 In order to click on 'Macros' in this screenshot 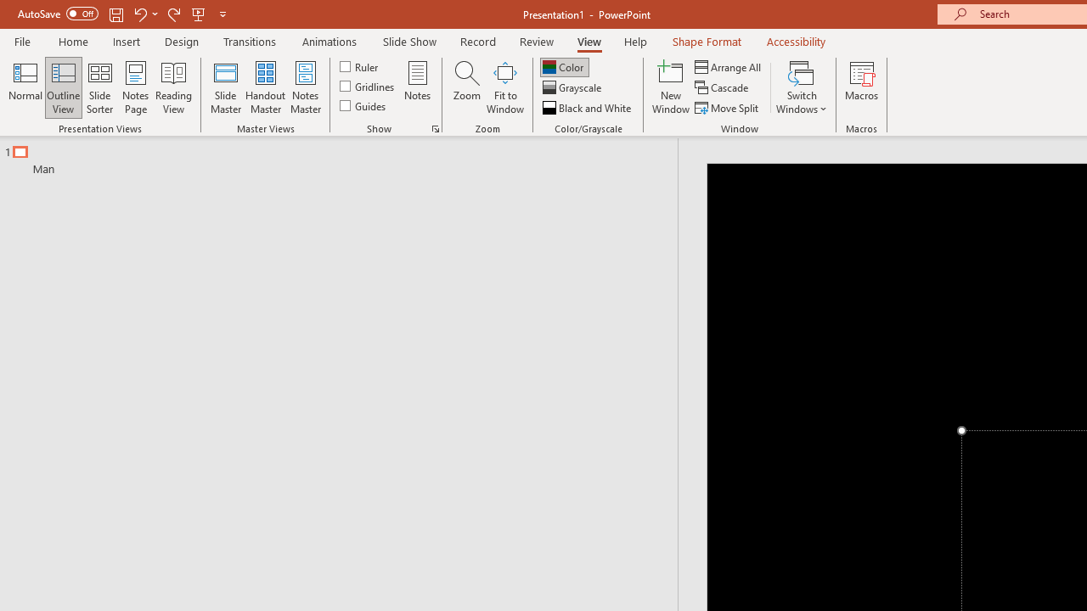, I will do `click(862, 87)`.